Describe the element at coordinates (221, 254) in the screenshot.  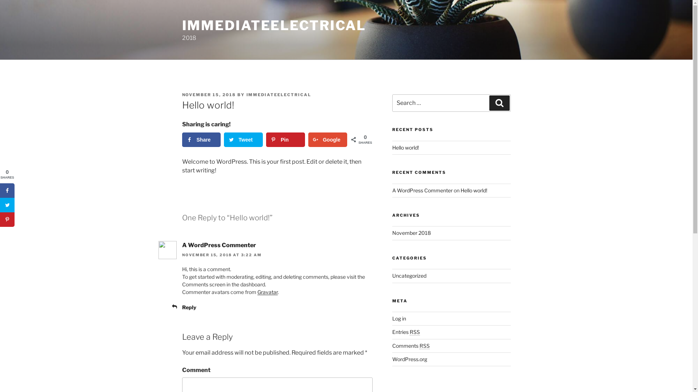
I see `'NOVEMBER 15, 2018 AT 3:22 AM'` at that location.